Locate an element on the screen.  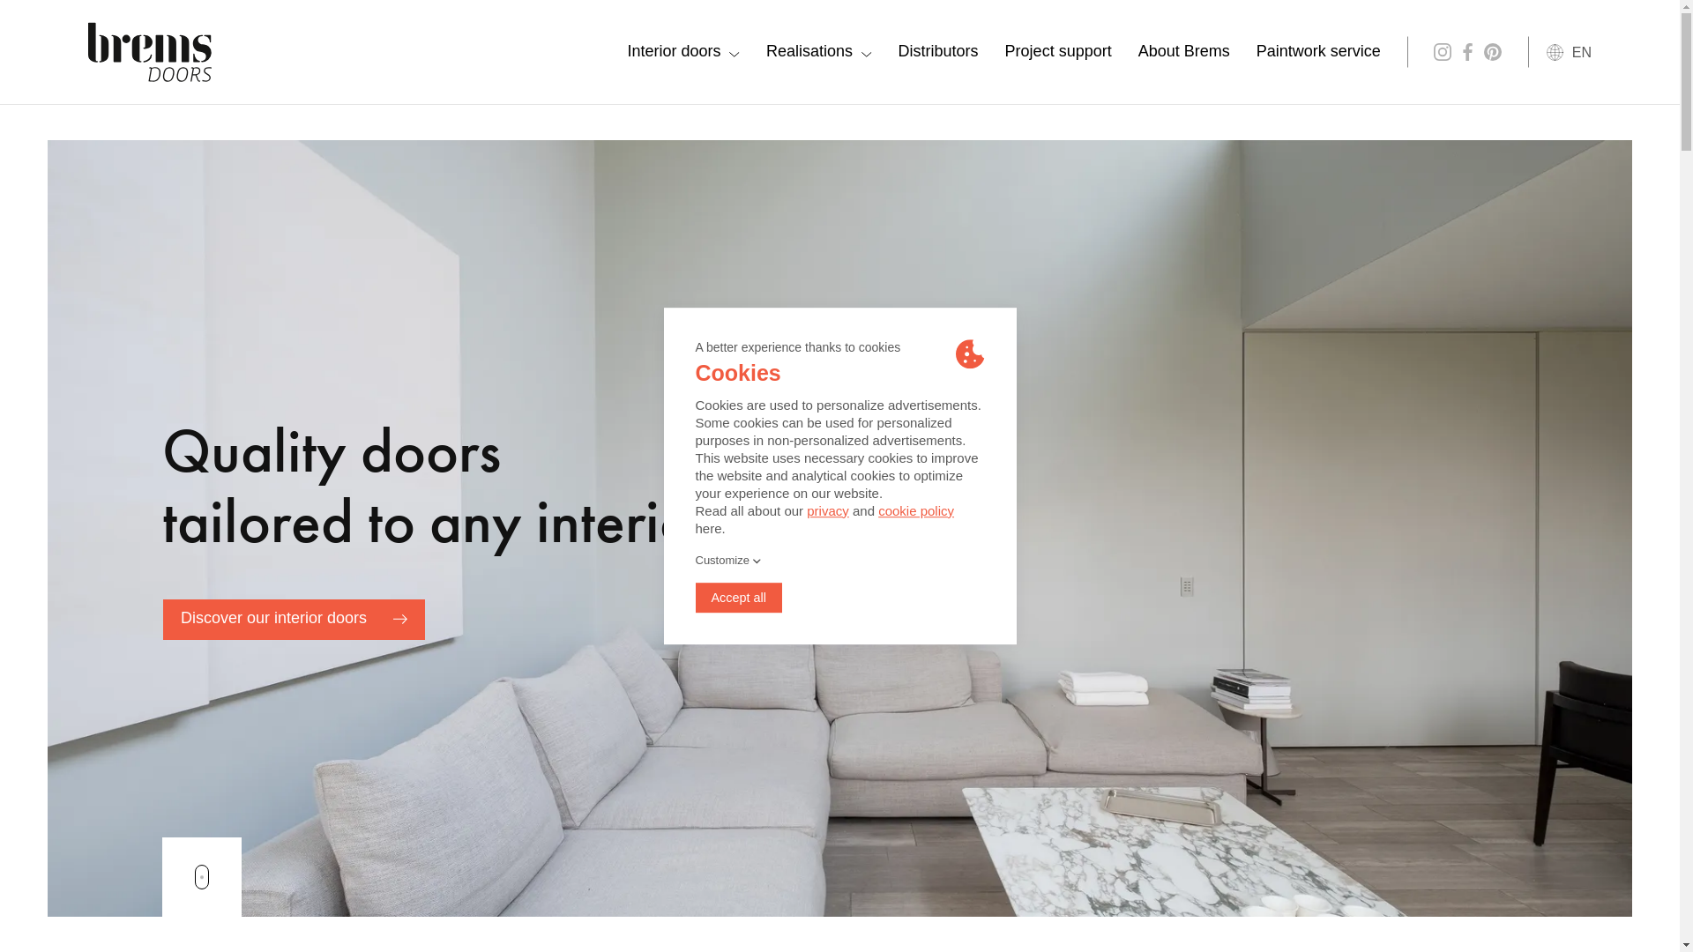
'Interior doors' is located at coordinates (682, 50).